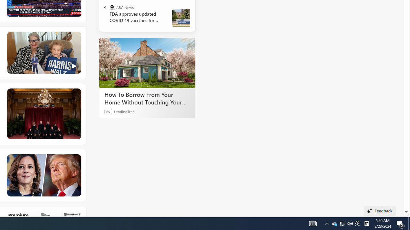 This screenshot has width=410, height=230. What do you see at coordinates (112, 7) in the screenshot?
I see `'ABC News'` at bounding box center [112, 7].